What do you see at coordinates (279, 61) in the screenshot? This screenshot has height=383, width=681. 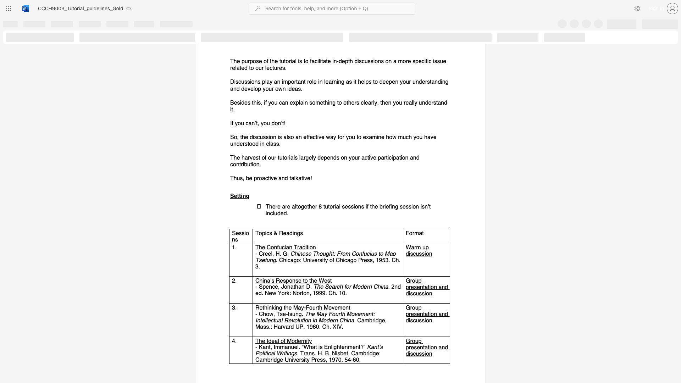 I see `the 2th character "t" in the text` at bounding box center [279, 61].